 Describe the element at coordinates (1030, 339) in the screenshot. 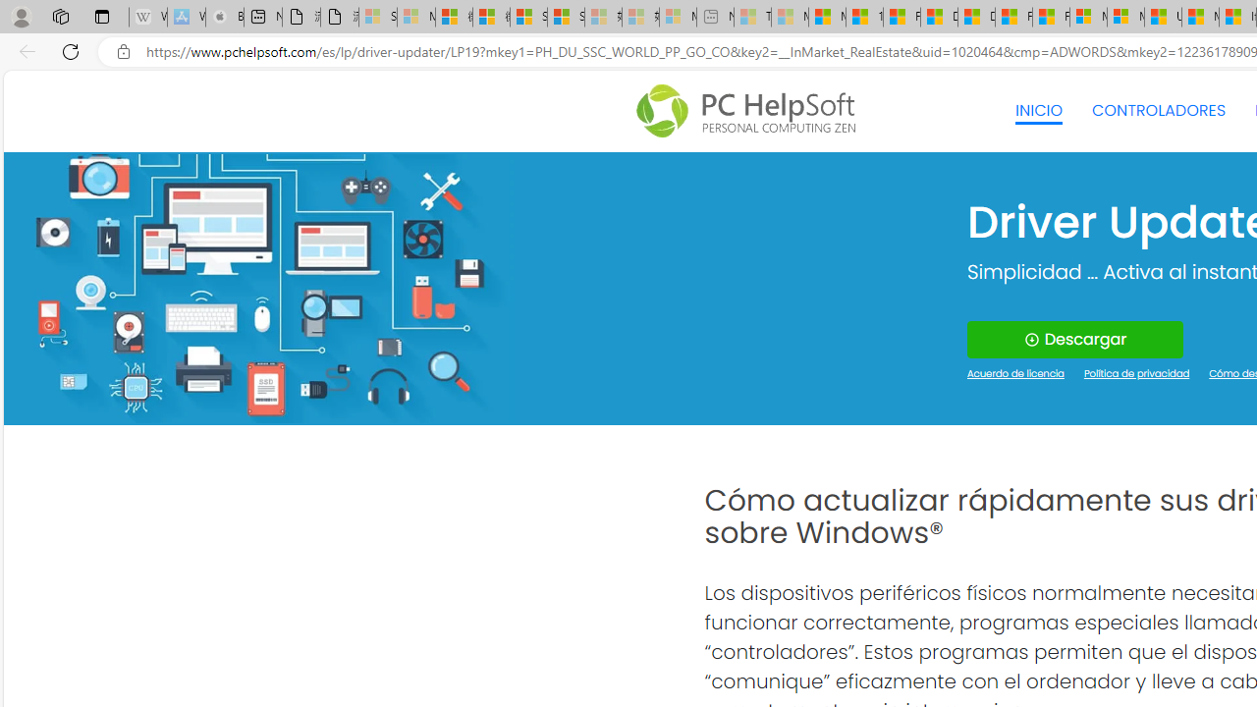

I see `'Download Icon'` at that location.